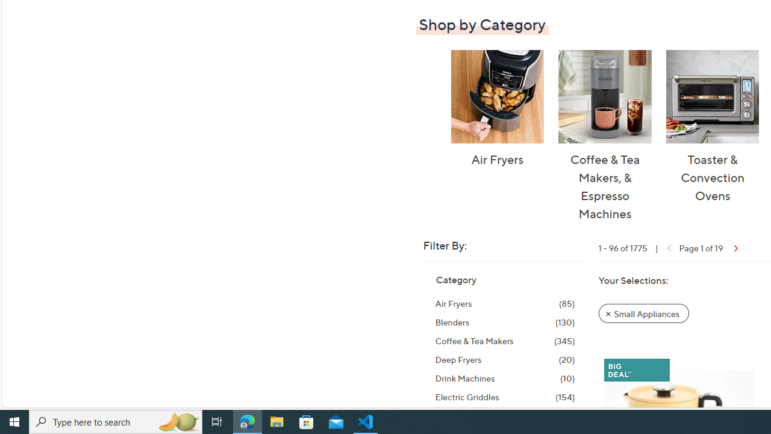 The image size is (771, 434). Describe the element at coordinates (497, 109) in the screenshot. I see `'Air Fryers Air Fryers'` at that location.